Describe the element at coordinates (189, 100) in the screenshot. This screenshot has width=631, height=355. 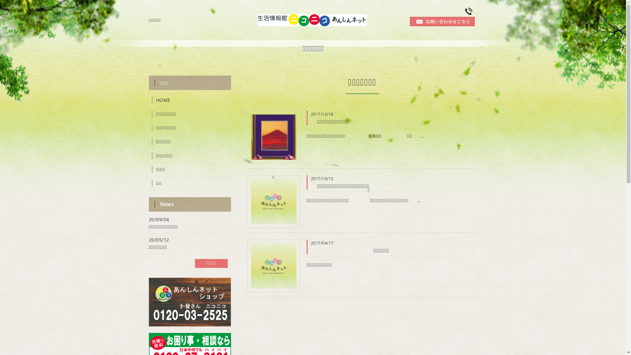
I see `'HOME'` at that location.